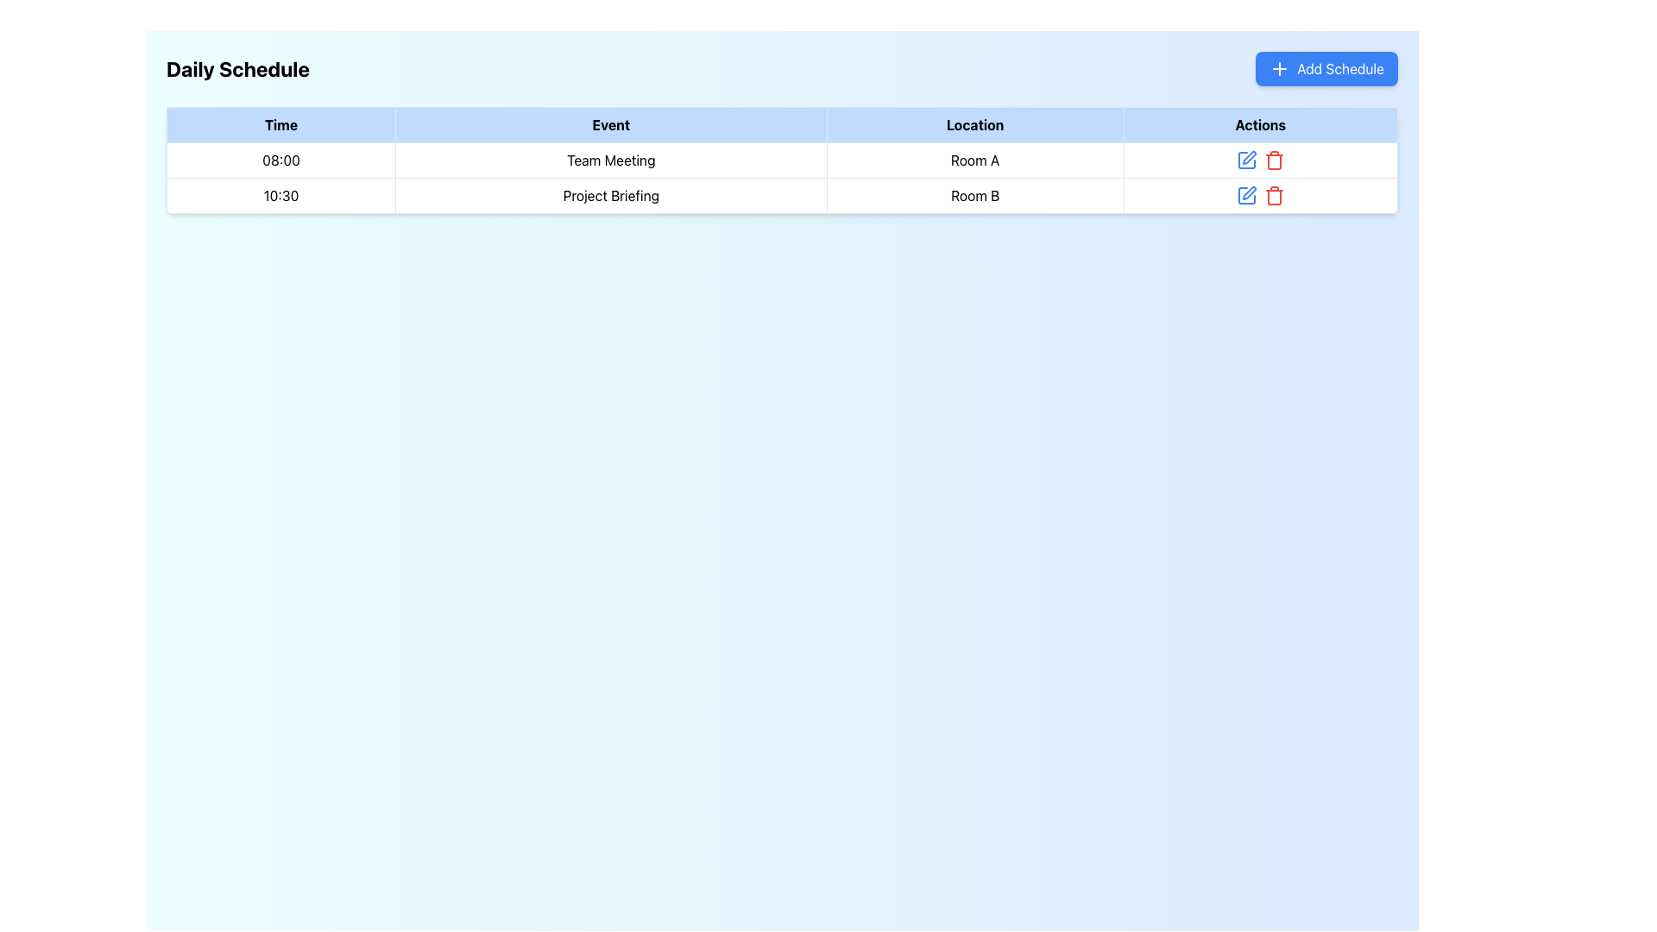  What do you see at coordinates (1246, 195) in the screenshot?
I see `the blue square-shaped icon with a pen symbol located in the 'Actions' column of the second row of the data table` at bounding box center [1246, 195].